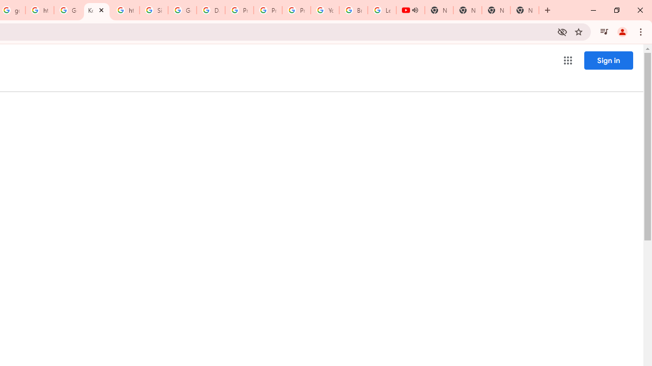 Image resolution: width=652 pixels, height=366 pixels. Describe the element at coordinates (153, 10) in the screenshot. I see `'Sign in - Google Accounts'` at that location.